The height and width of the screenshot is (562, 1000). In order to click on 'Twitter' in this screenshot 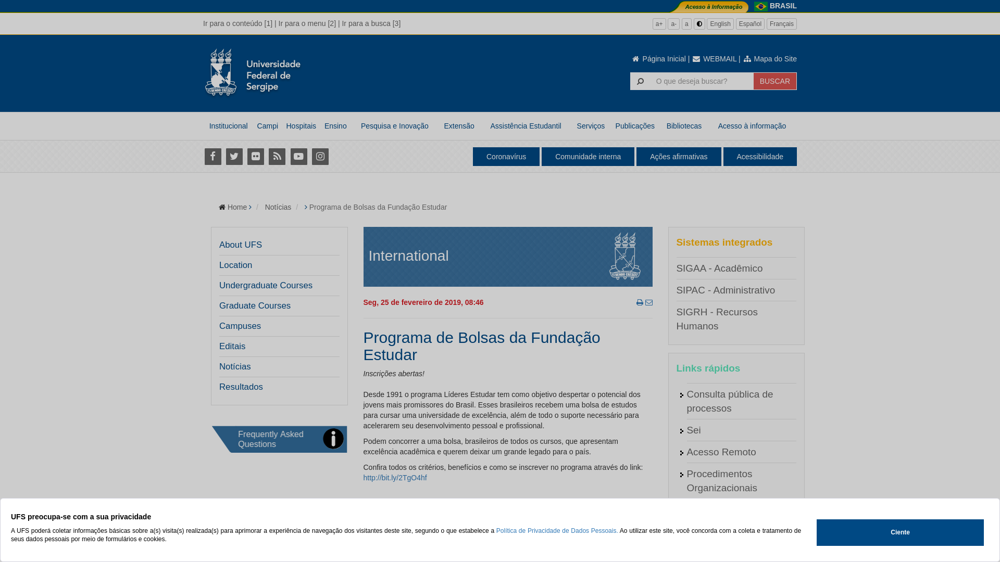, I will do `click(233, 156)`.